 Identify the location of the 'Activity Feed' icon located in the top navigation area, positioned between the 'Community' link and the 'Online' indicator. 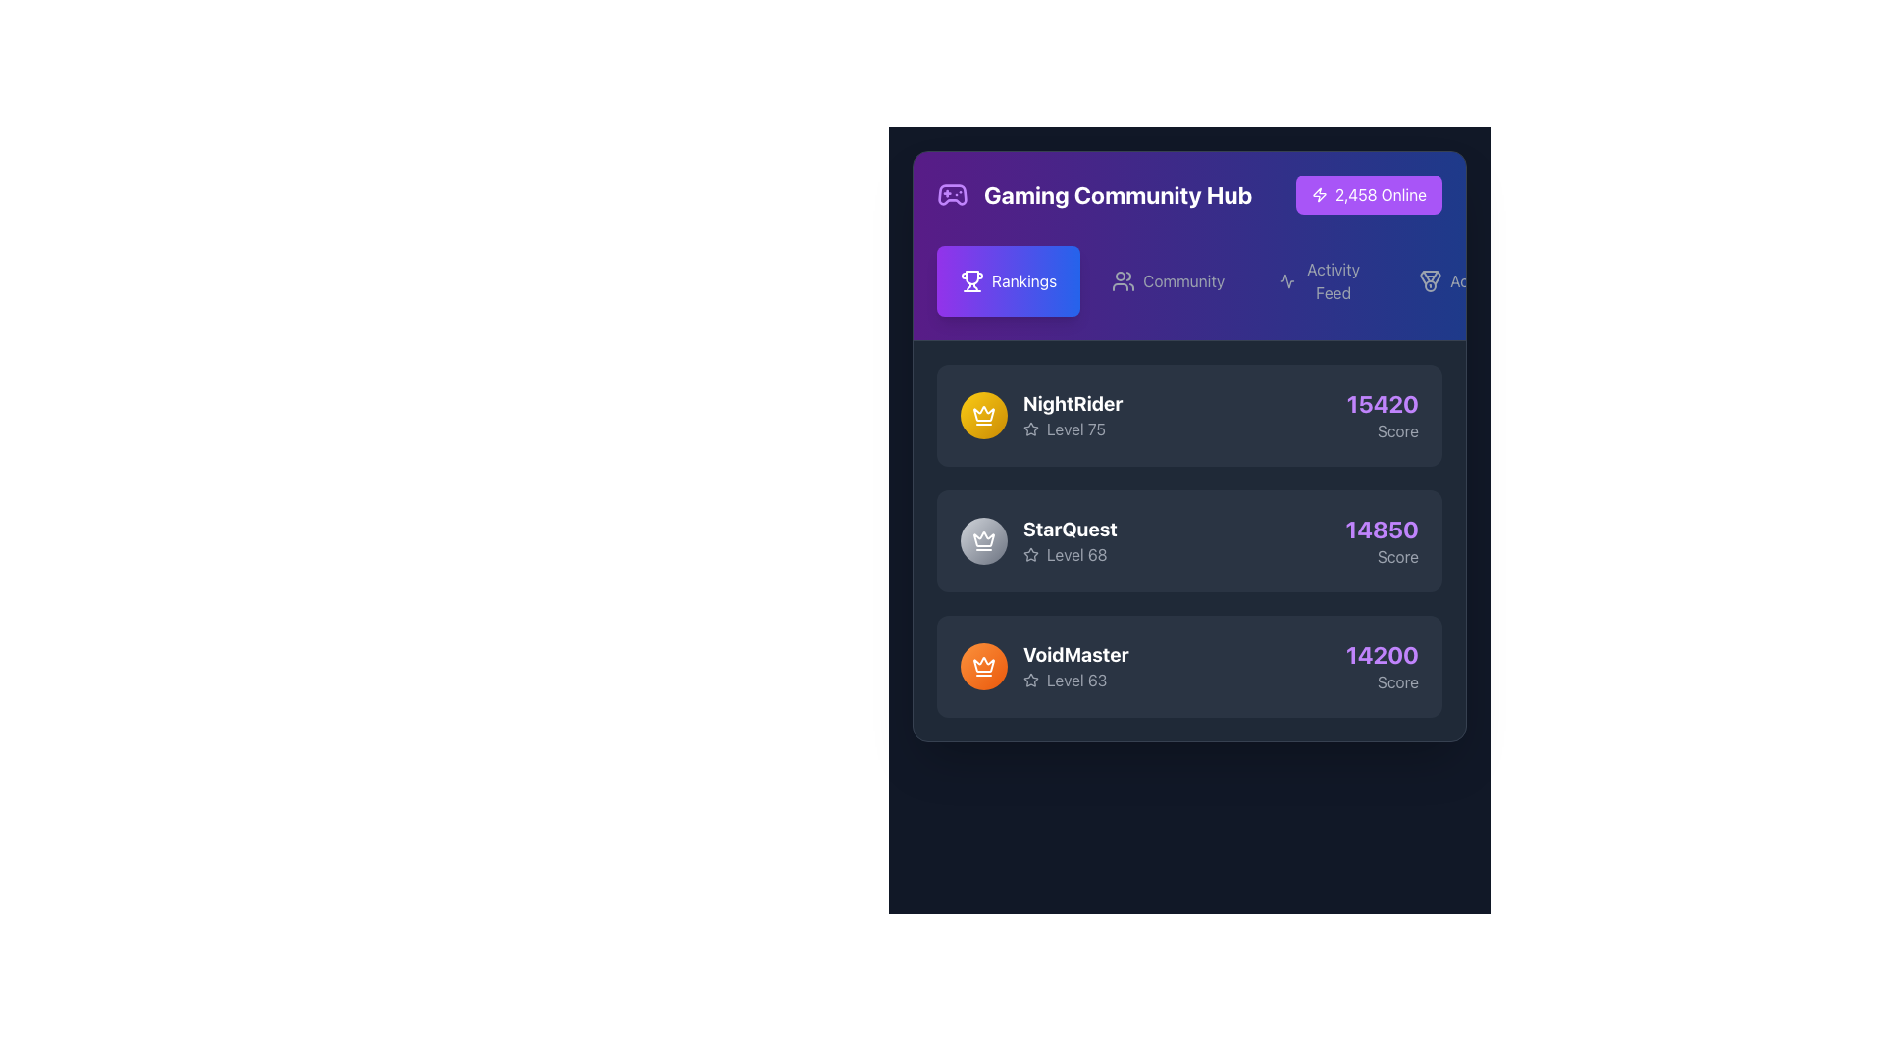
(1287, 280).